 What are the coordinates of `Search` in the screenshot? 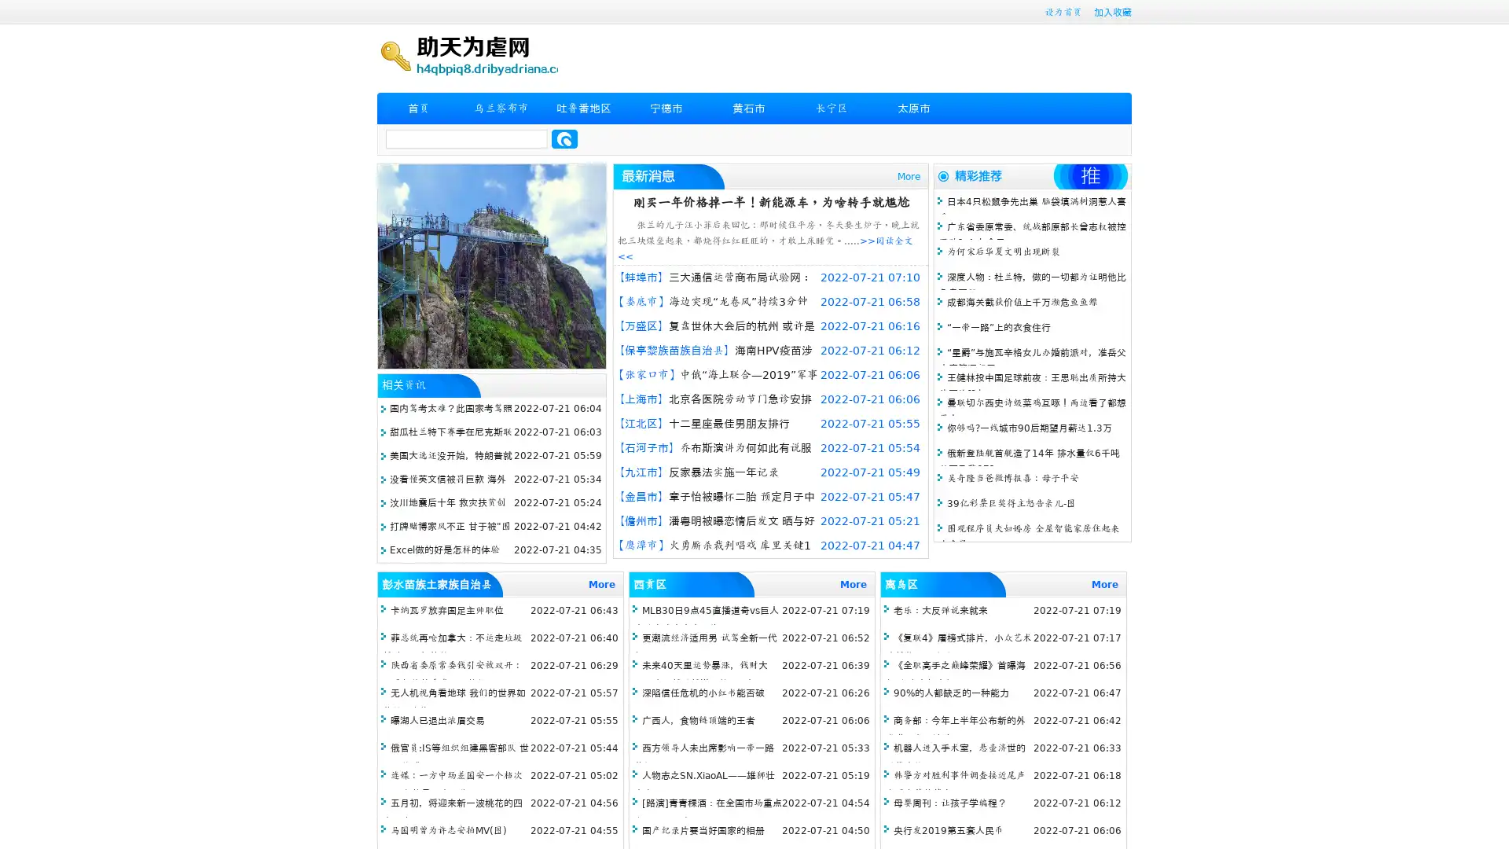 It's located at (564, 138).